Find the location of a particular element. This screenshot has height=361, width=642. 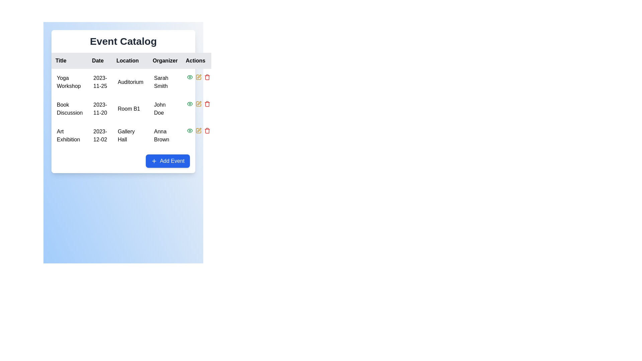

the edit icon button, which is a yellow outlined square with a pencil symbol, located in the 'Actions' column of the second row of the table is located at coordinates (198, 104).